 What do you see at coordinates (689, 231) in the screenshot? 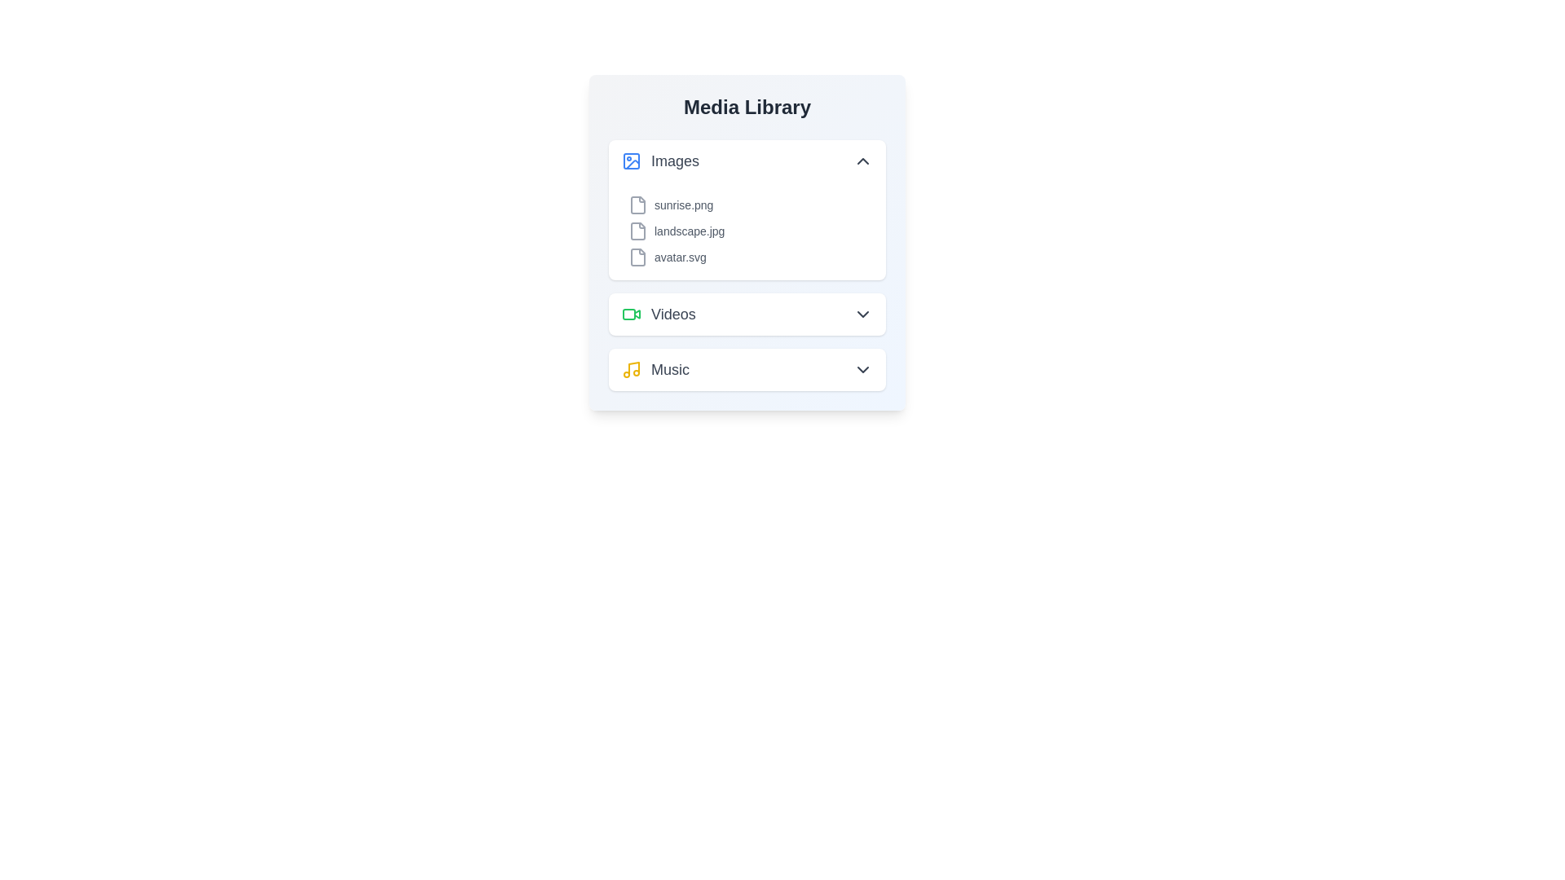
I see `the text label displaying the filename 'landscape.jpg'` at bounding box center [689, 231].